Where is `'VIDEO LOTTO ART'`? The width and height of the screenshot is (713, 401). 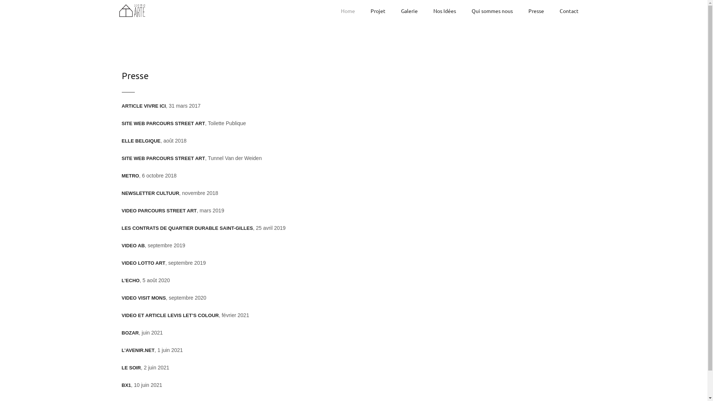 'VIDEO LOTTO ART' is located at coordinates (144, 263).